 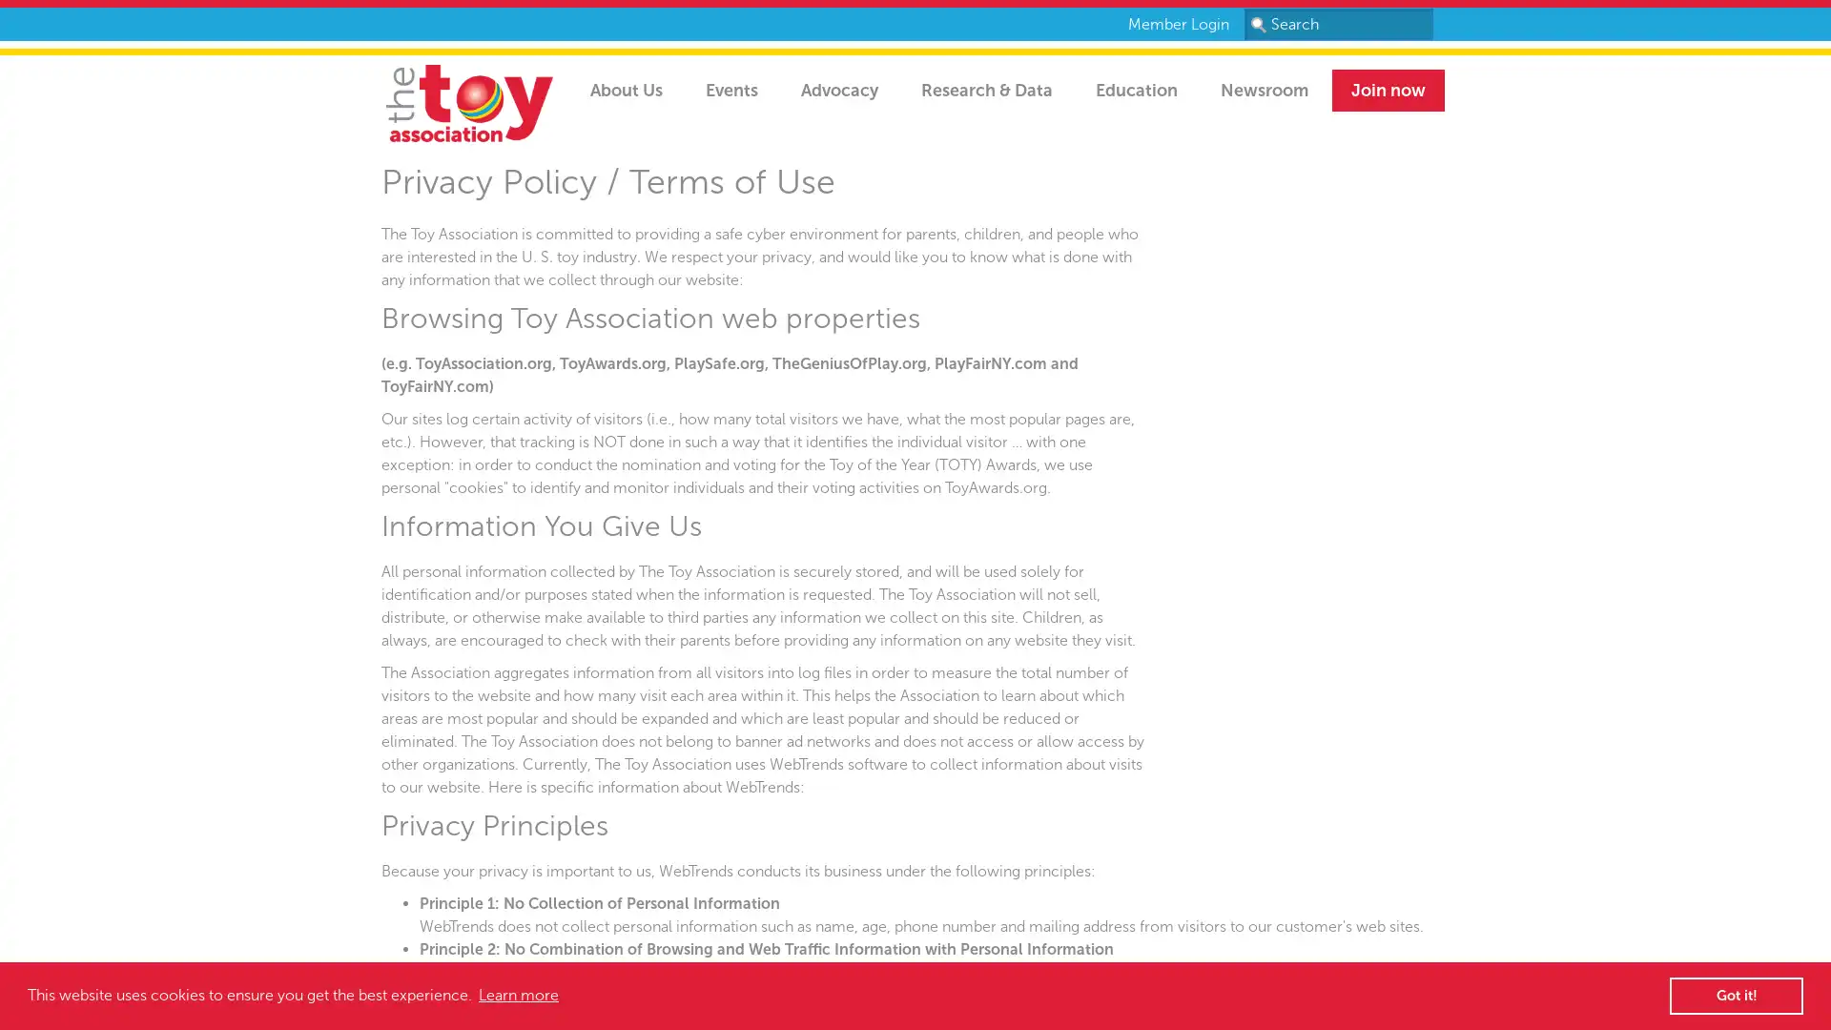 I want to click on dismiss cookie message, so click(x=1736, y=995).